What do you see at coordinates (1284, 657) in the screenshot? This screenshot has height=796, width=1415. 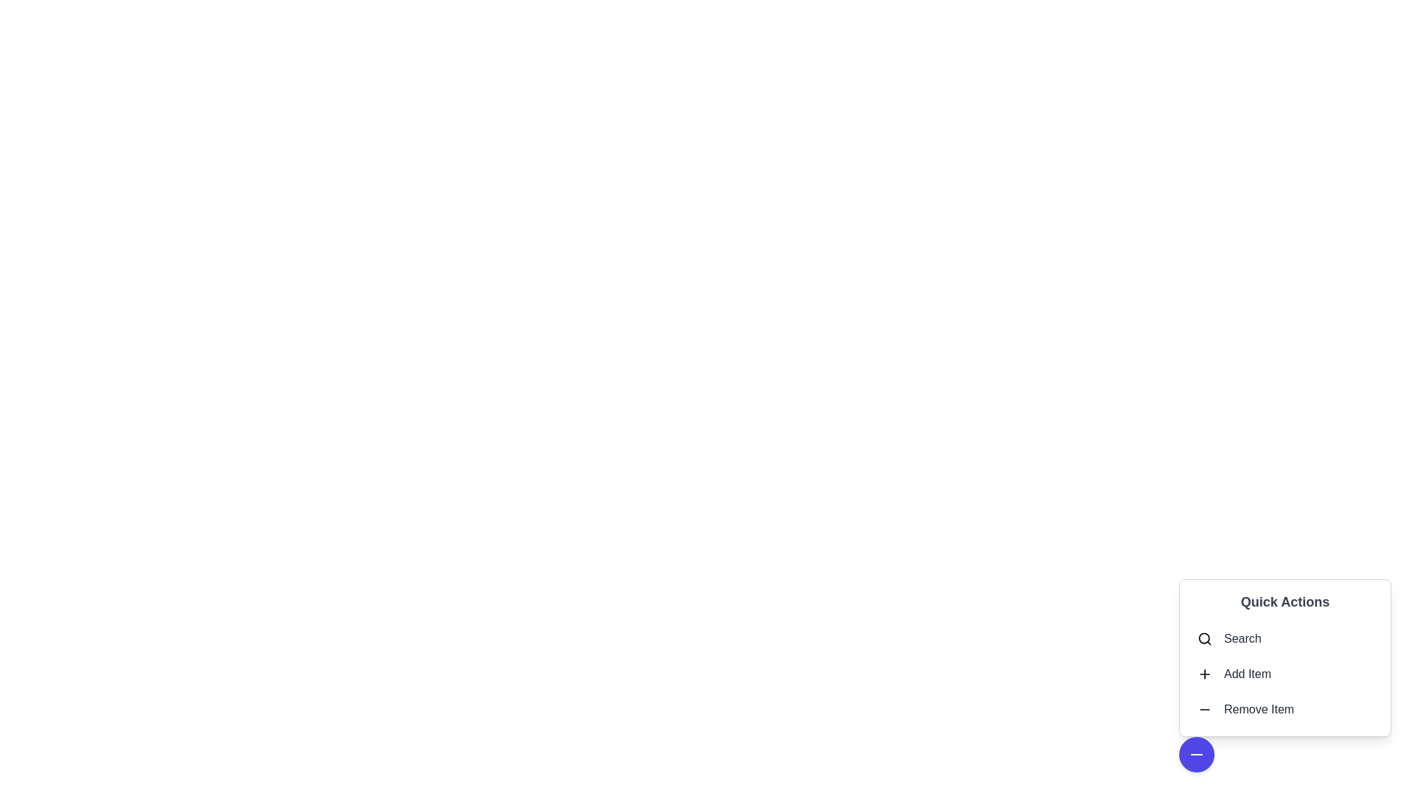 I see `the 'Quick Actions' card located in the bottom-right corner of the interface` at bounding box center [1284, 657].